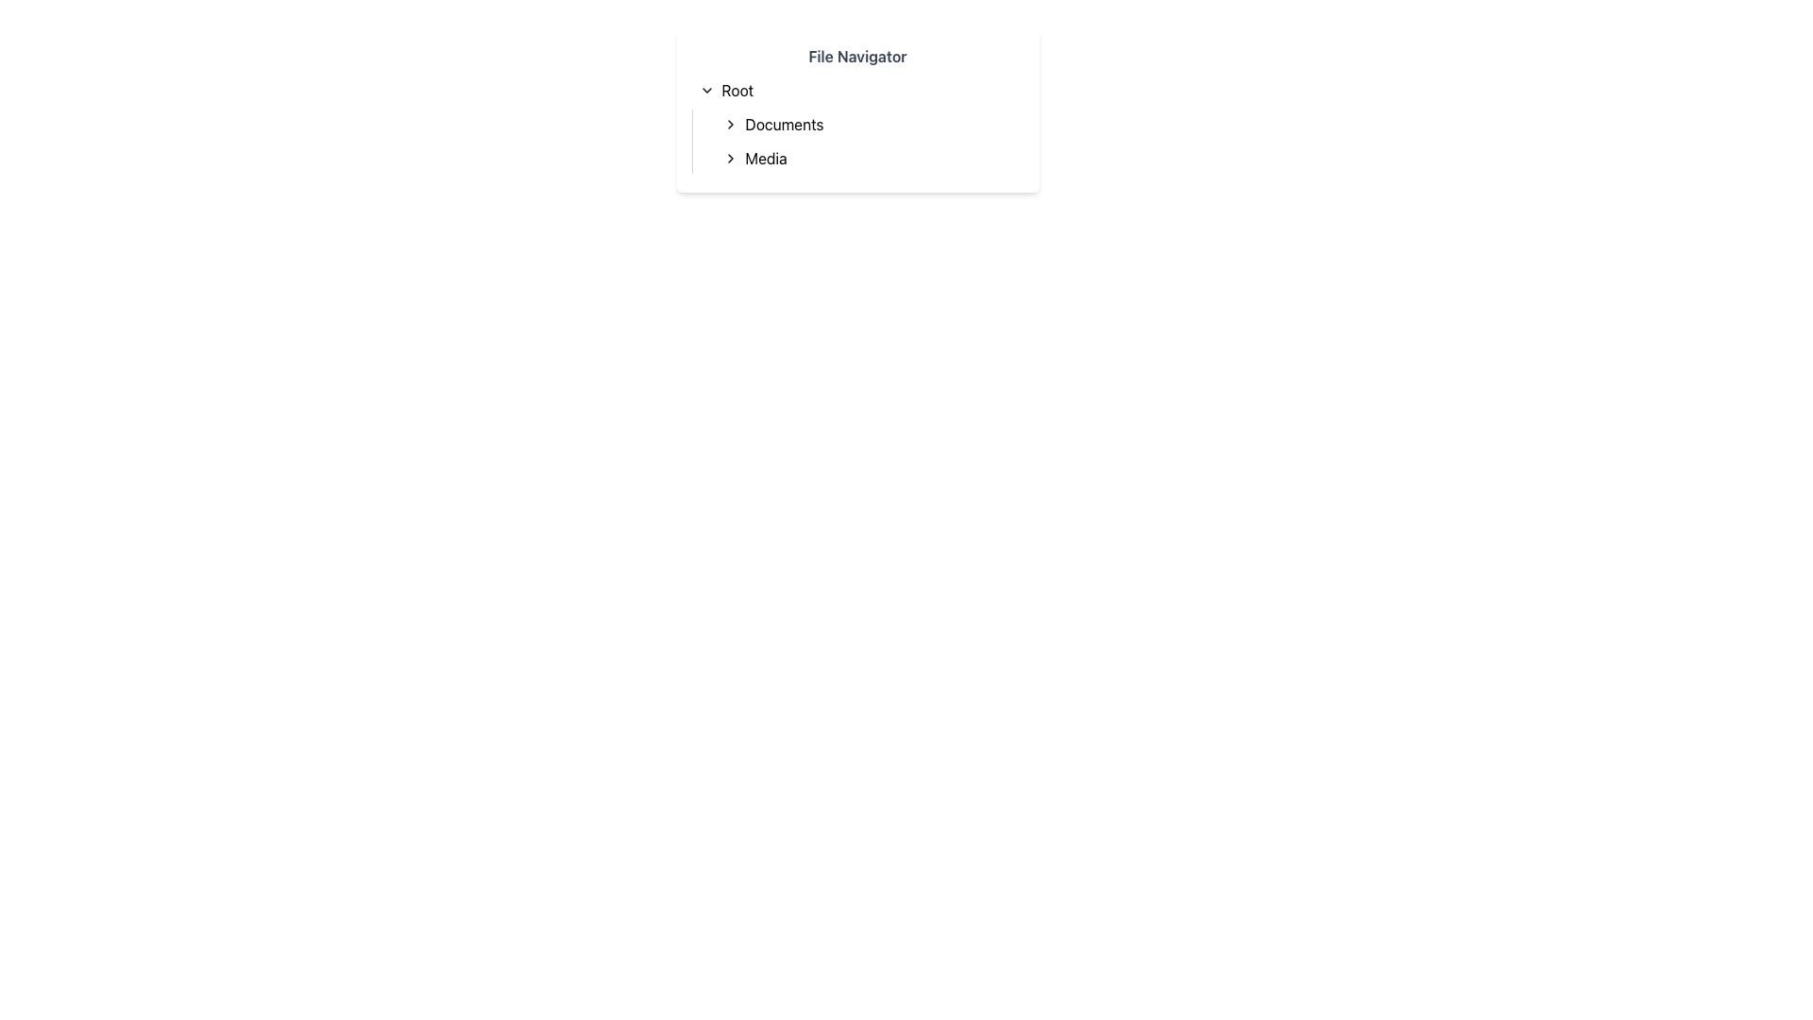 The height and width of the screenshot is (1020, 1813). Describe the element at coordinates (729, 124) in the screenshot. I see `the small right-chevron icon positioned to the left of the 'Documents' label` at that location.